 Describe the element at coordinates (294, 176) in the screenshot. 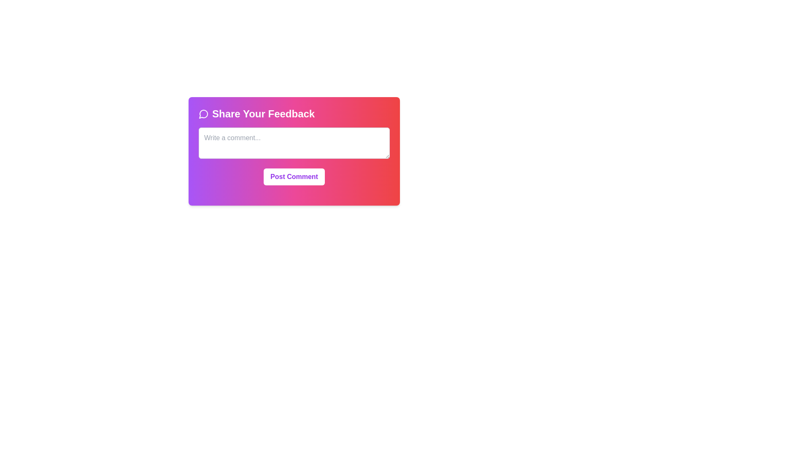

I see `the 'Post Comment' button, which is a rectangular button with rounded edges, white background, and purple text, to change its background color to gray` at that location.